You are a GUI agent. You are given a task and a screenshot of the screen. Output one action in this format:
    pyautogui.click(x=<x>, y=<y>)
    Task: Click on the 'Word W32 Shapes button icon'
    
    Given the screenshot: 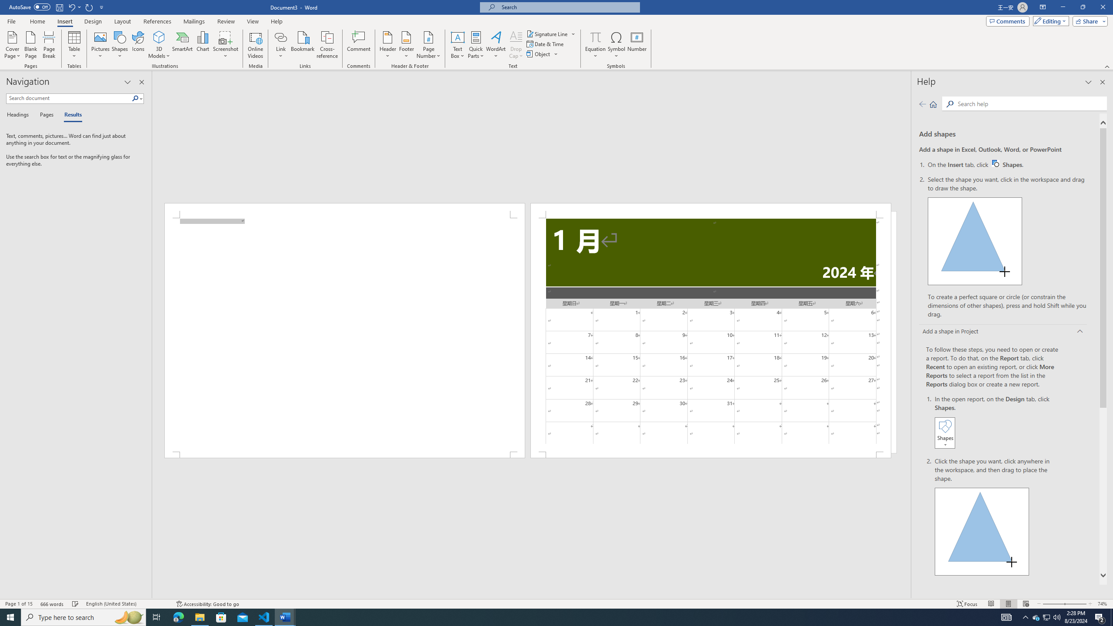 What is the action you would take?
    pyautogui.click(x=995, y=163)
    